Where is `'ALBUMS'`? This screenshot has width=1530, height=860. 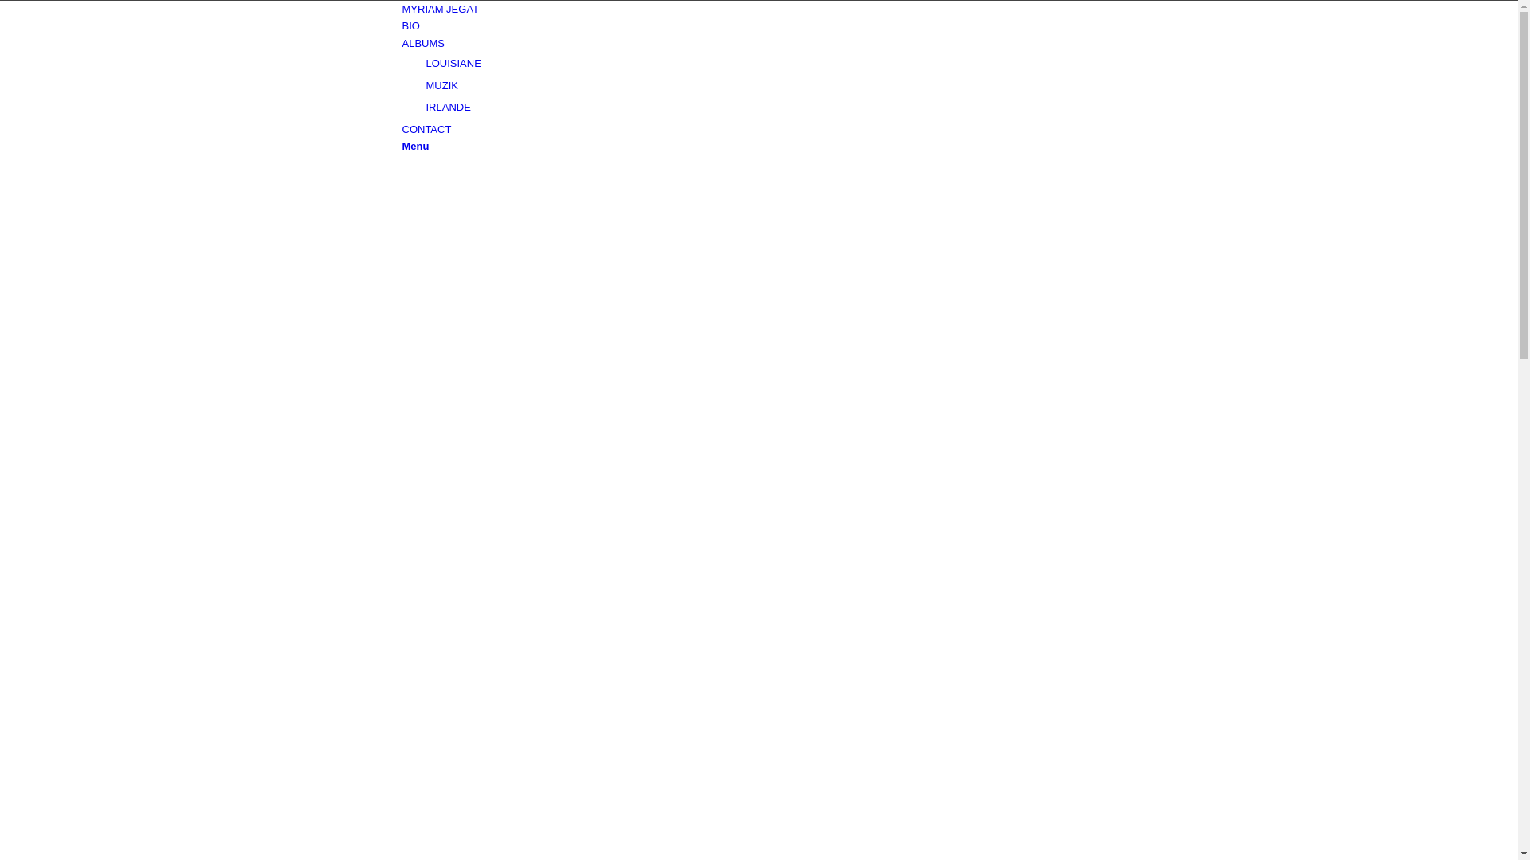
'ALBUMS' is located at coordinates (422, 42).